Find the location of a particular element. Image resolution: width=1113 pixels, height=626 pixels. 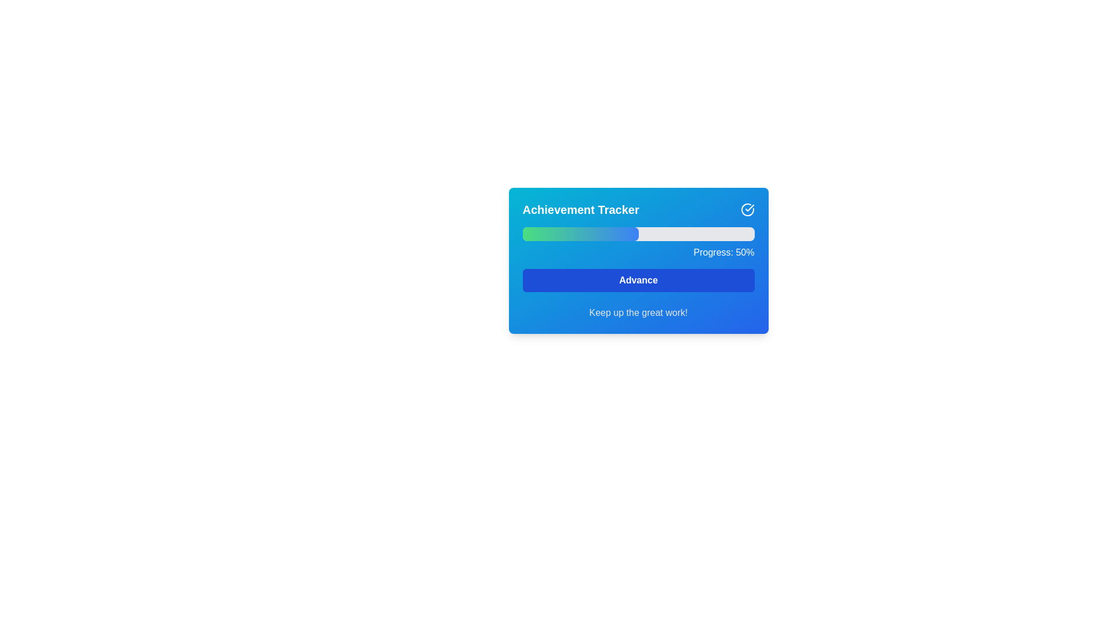

the rectangular blue button labeled 'Advance' to observe its hover effect, located within the 'Achievement Tracker' card below the progress bar is located at coordinates (638, 280).